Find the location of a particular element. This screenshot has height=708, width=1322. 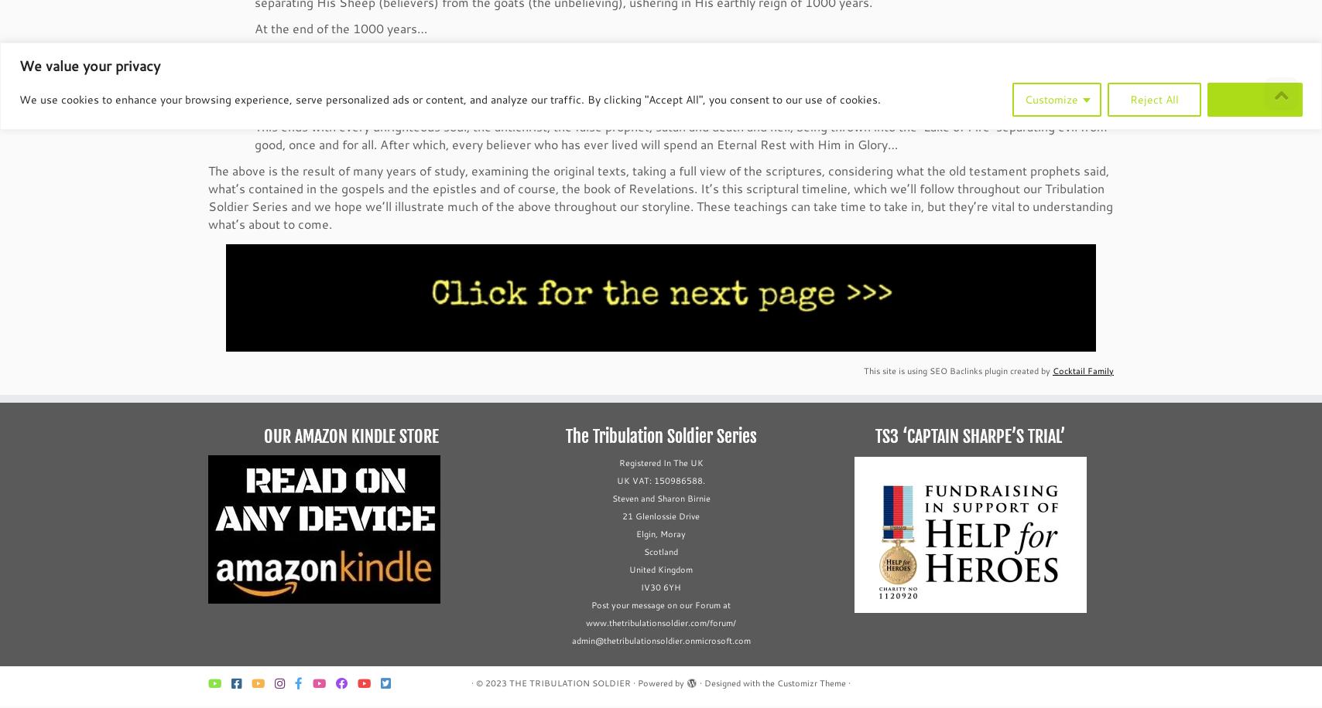

'Powered by' is located at coordinates (661, 683).